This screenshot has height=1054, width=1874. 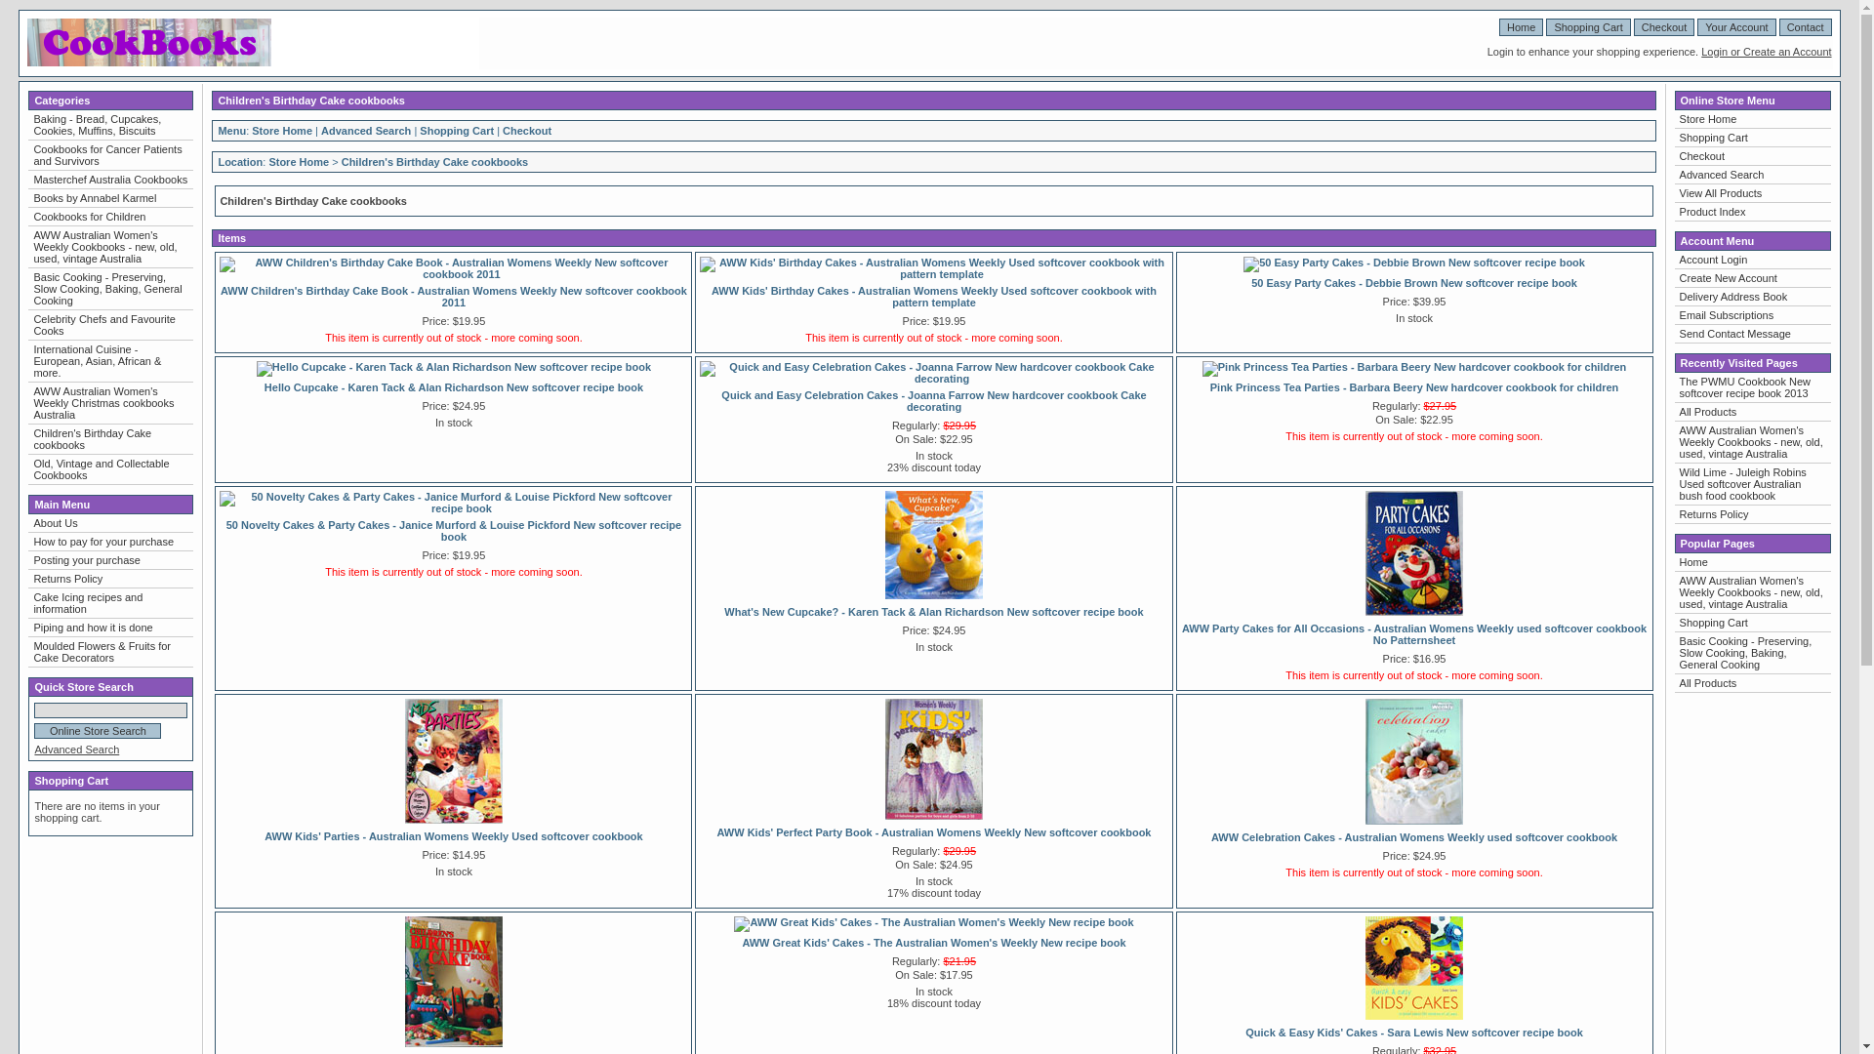 I want to click on 'Home', so click(x=1520, y=26).